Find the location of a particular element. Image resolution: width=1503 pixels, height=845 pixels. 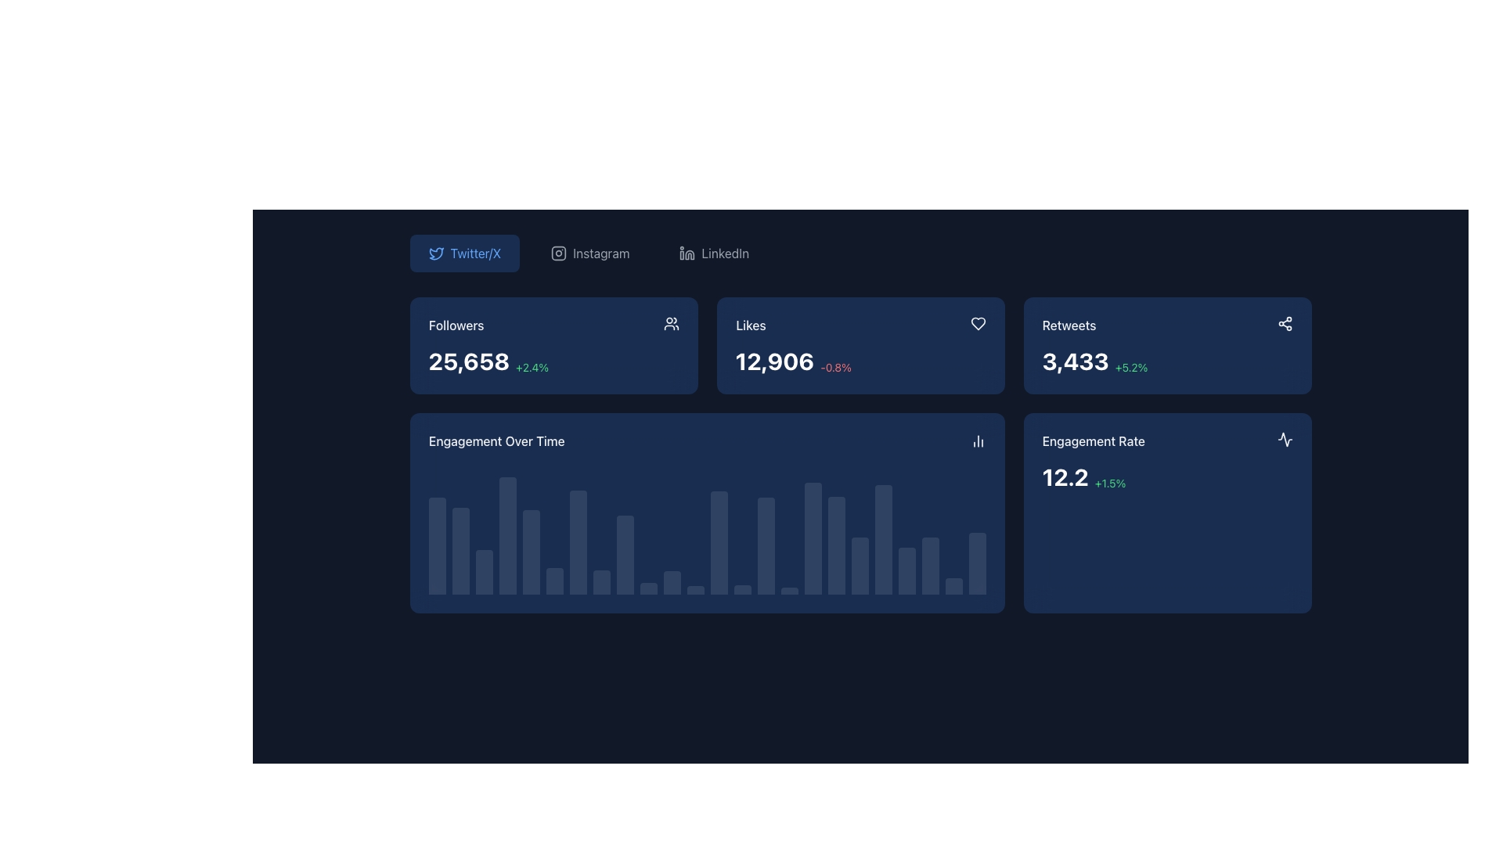

the 'LinkedIn' text label in the navigation menu is located at coordinates (724, 253).